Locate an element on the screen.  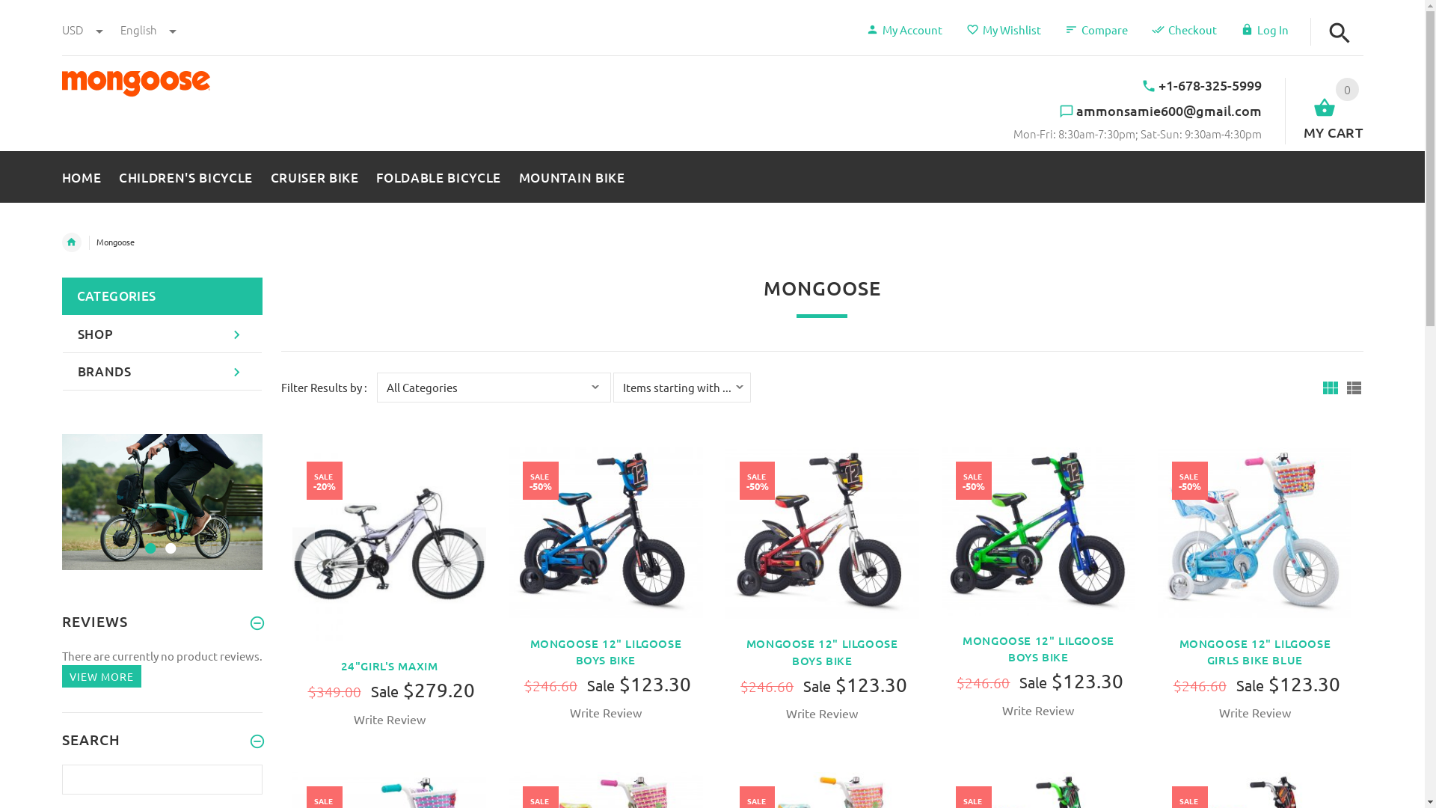
'SHOP' is located at coordinates (162, 334).